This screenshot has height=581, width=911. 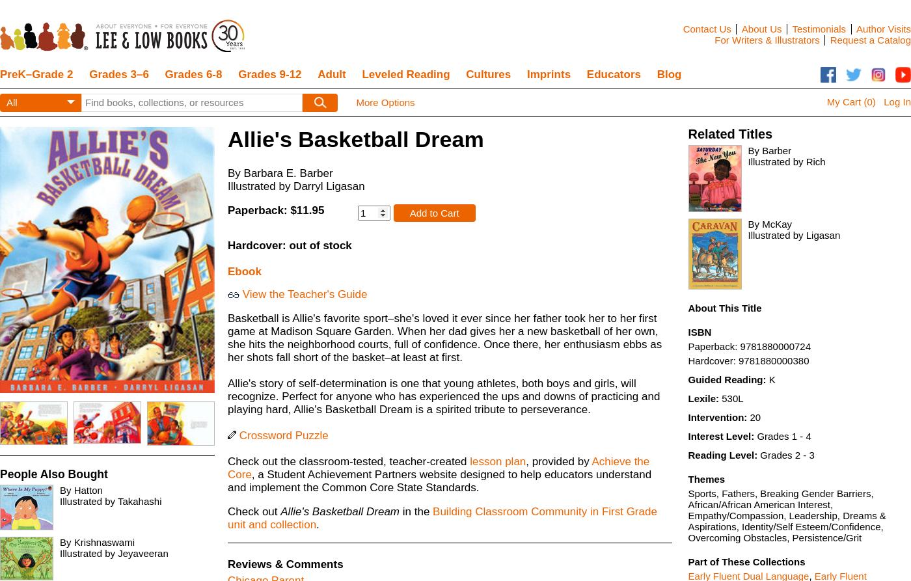 I want to click on 'Related Titles', so click(x=729, y=133).